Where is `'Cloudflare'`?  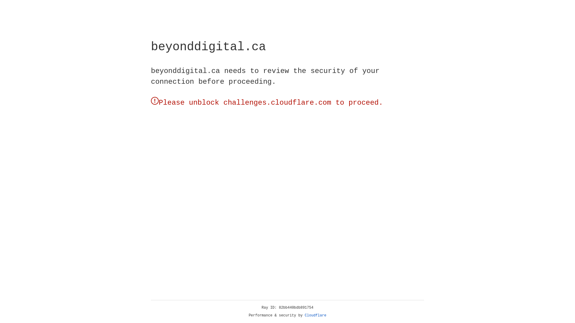 'Cloudflare' is located at coordinates (315, 315).